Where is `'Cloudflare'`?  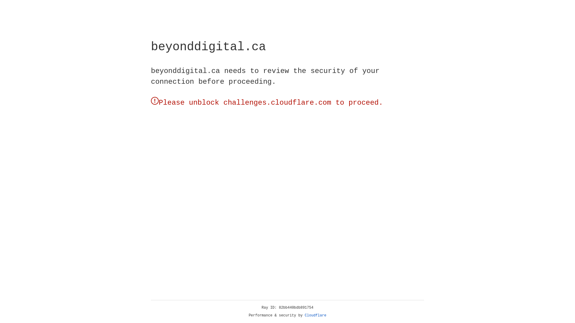 'Cloudflare' is located at coordinates (315, 315).